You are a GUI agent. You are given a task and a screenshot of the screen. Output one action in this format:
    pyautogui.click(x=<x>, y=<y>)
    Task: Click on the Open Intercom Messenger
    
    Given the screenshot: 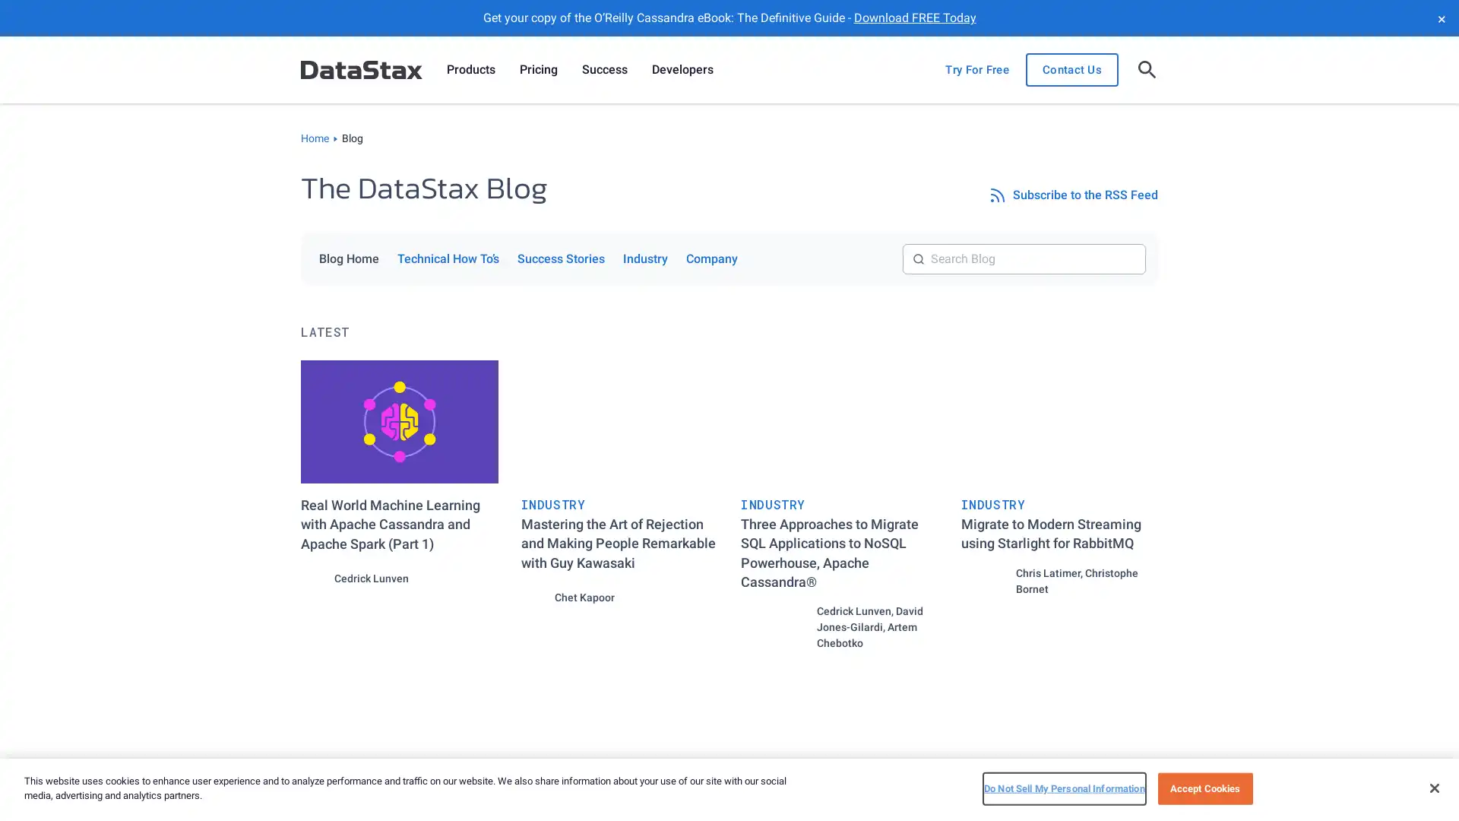 What is the action you would take?
    pyautogui.click(x=1420, y=782)
    